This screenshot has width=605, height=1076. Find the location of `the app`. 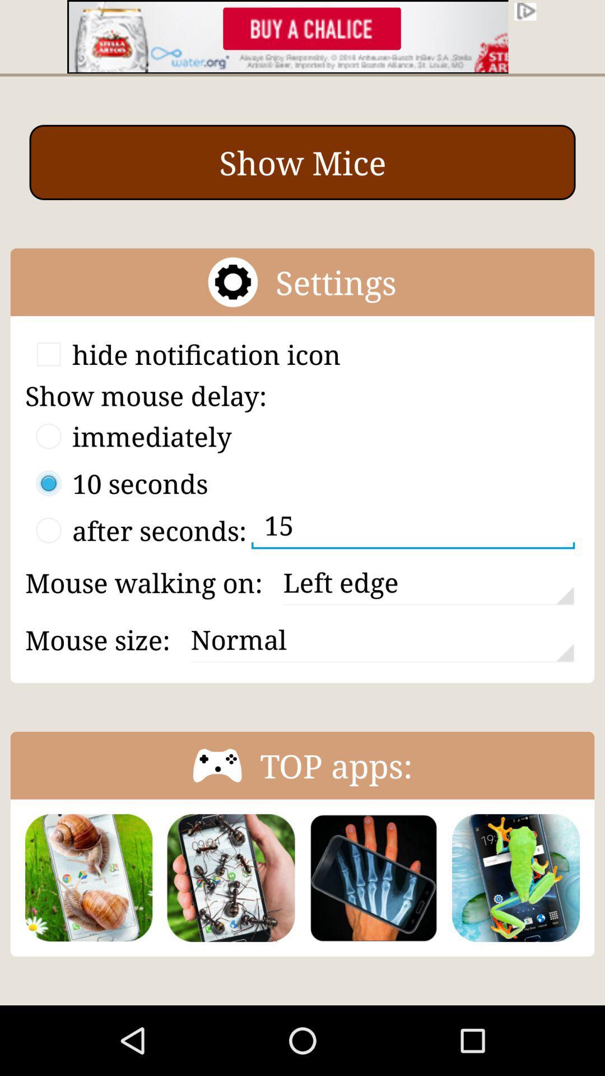

the app is located at coordinates (516, 877).